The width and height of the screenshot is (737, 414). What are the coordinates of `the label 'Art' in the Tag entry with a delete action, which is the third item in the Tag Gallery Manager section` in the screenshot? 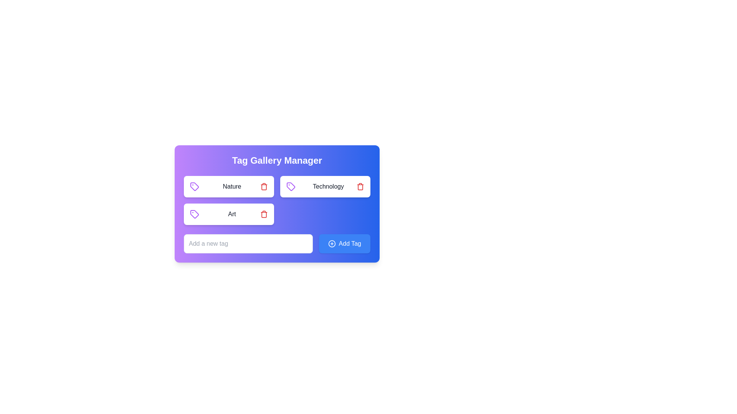 It's located at (228, 214).